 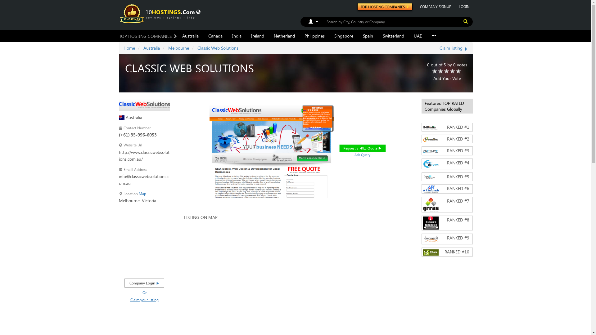 I want to click on 'Host Town in Top 10 Best Hosting Company.', so click(x=430, y=163).